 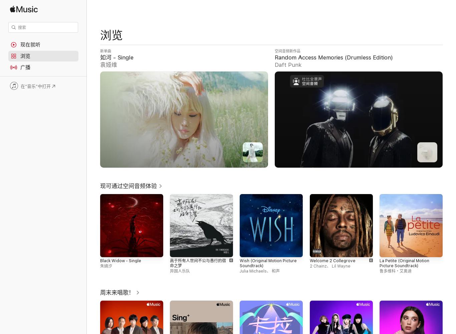 I want to click on '2 Chainz', so click(x=318, y=266).